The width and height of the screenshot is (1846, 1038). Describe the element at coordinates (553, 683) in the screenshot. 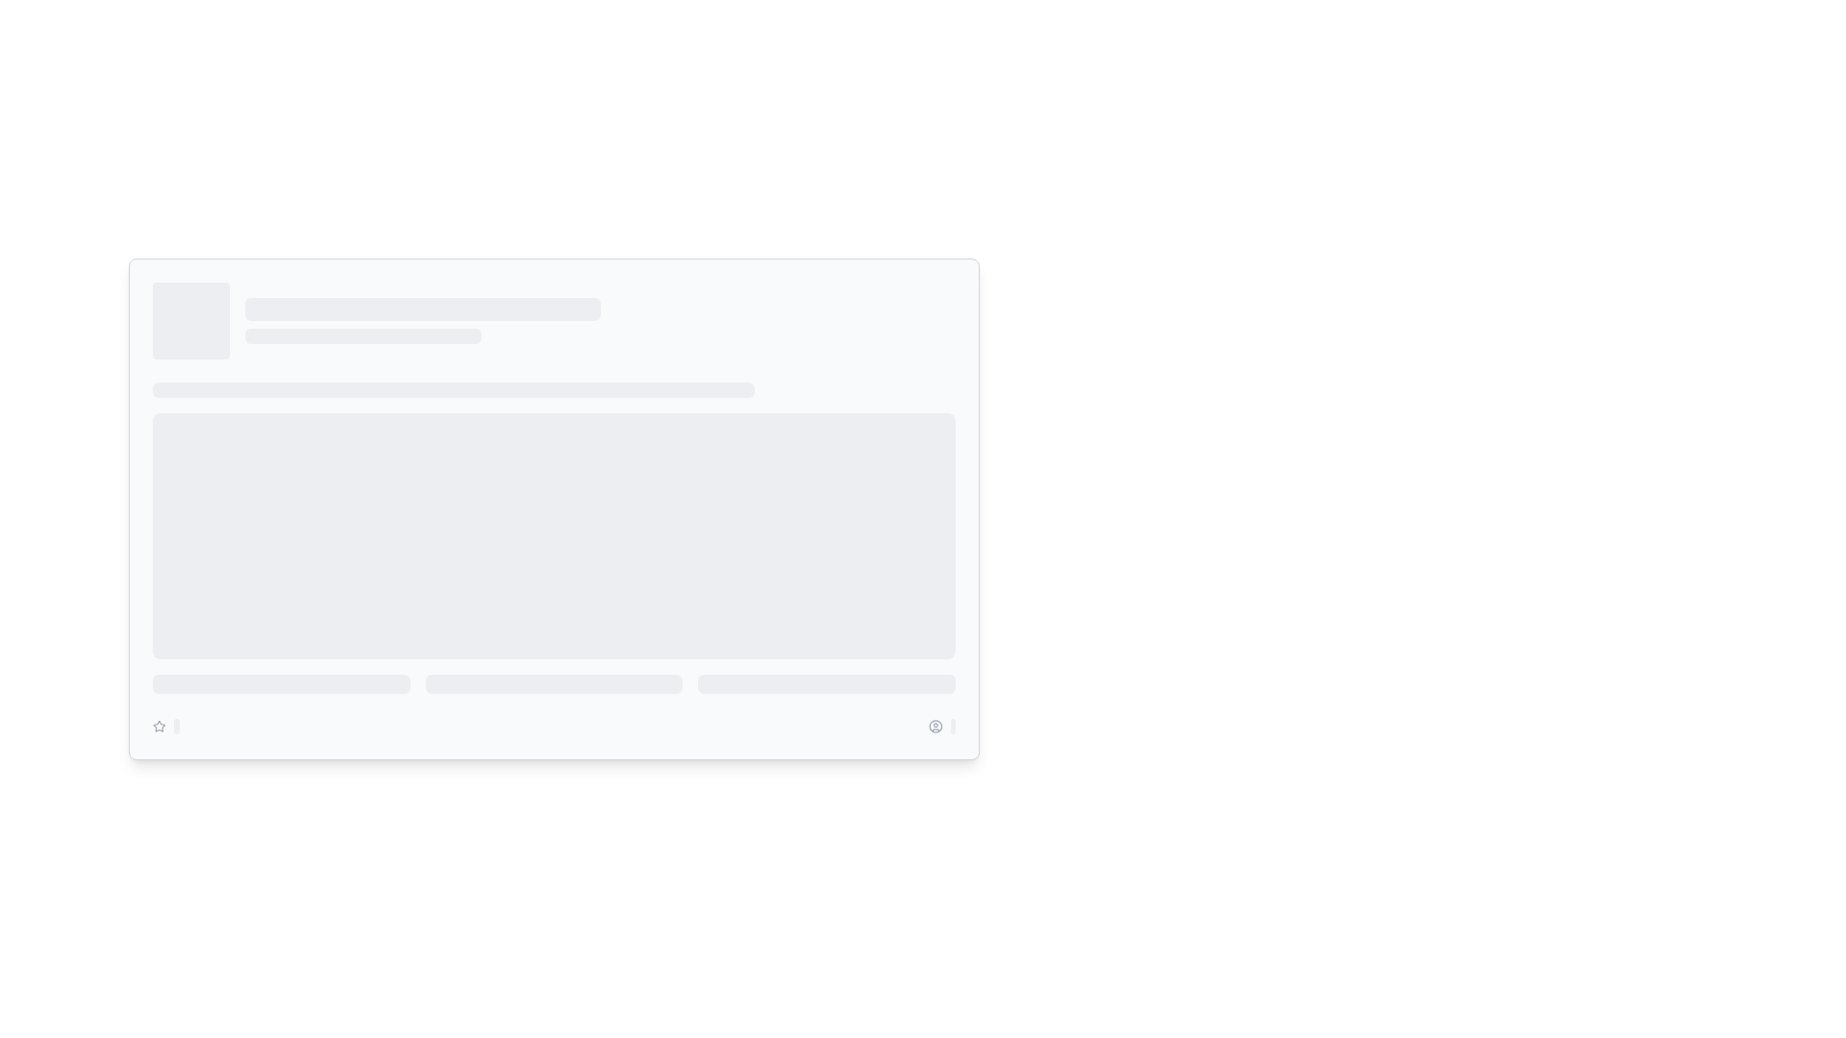

I see `the Loading Placeholder, which is the central element among three horizontally aligned loading bars, styled with a smooth light gray color and rounded shape` at that location.